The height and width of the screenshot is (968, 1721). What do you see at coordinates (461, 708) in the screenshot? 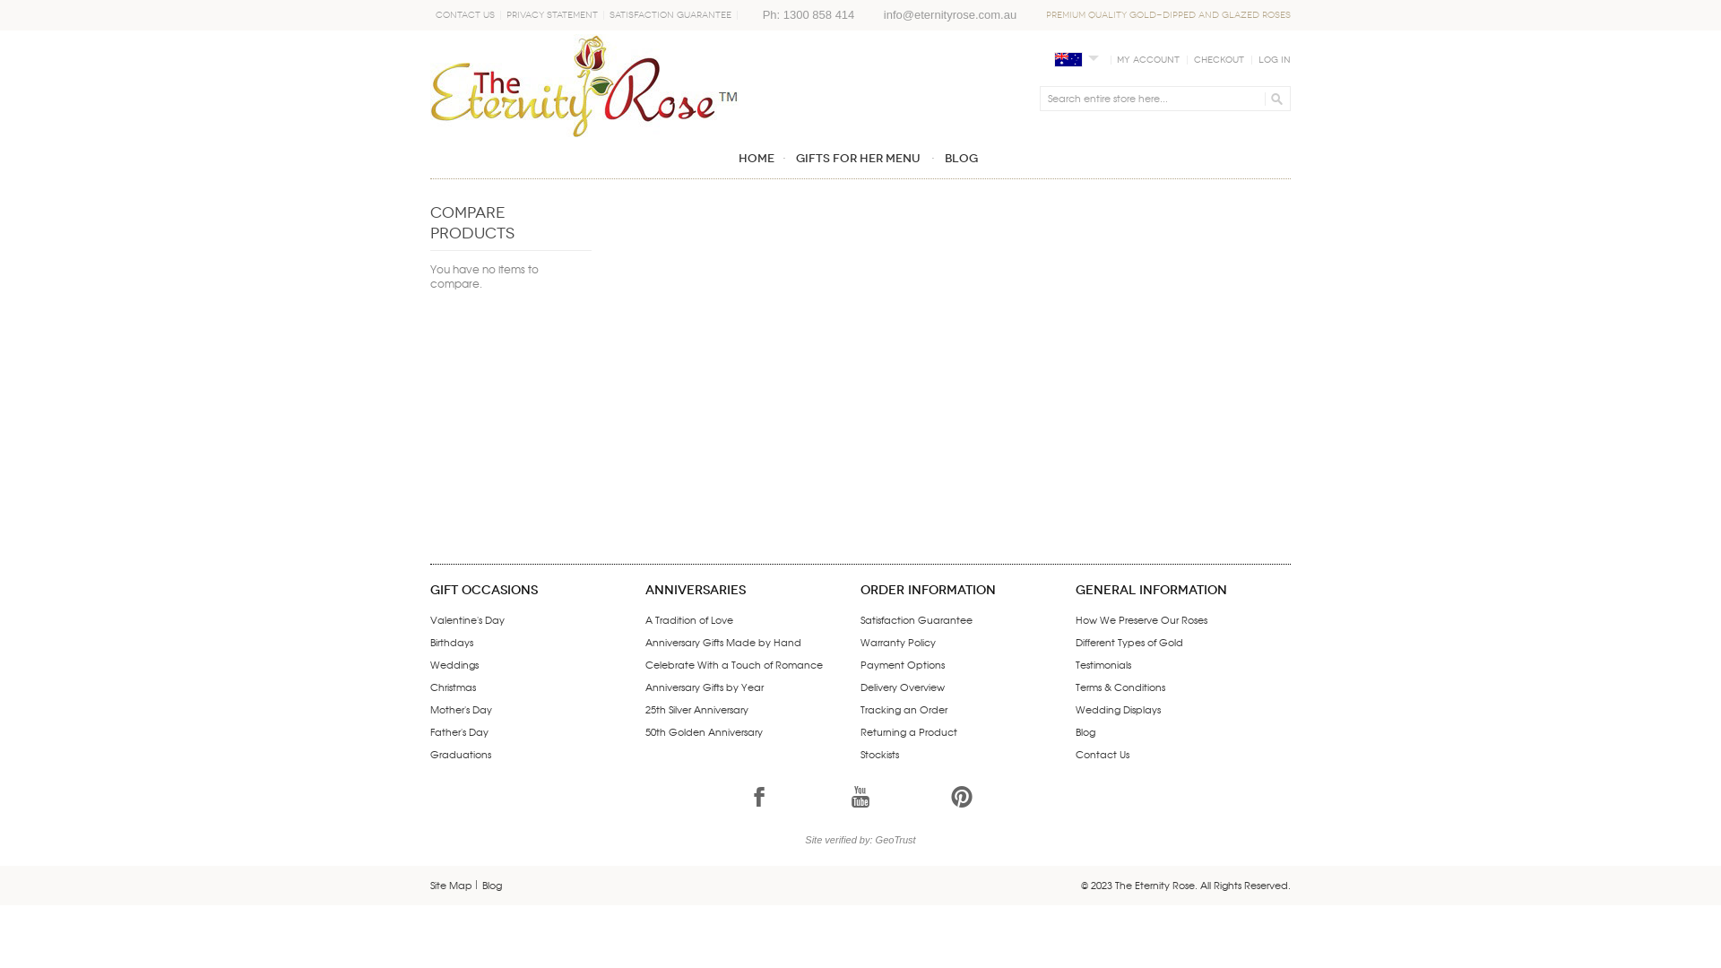
I see `'Mother's Day'` at bounding box center [461, 708].